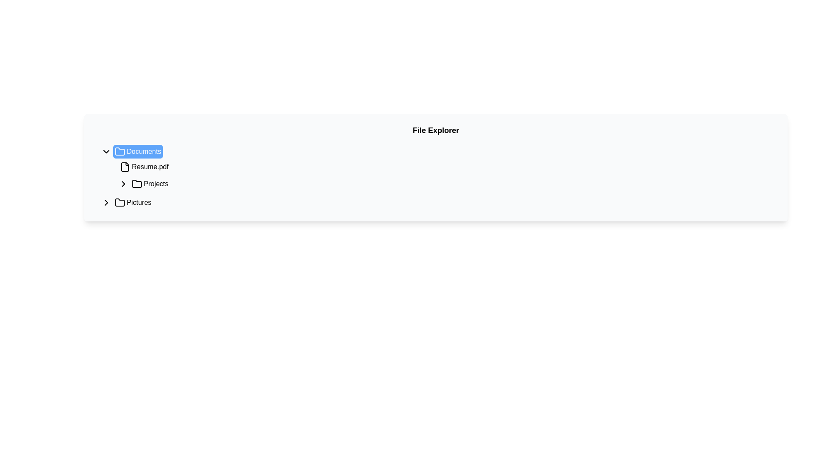 This screenshot has width=817, height=459. I want to click on the folder icon located in the file explorer under 'Documents' next to the label 'Projects', so click(137, 183).